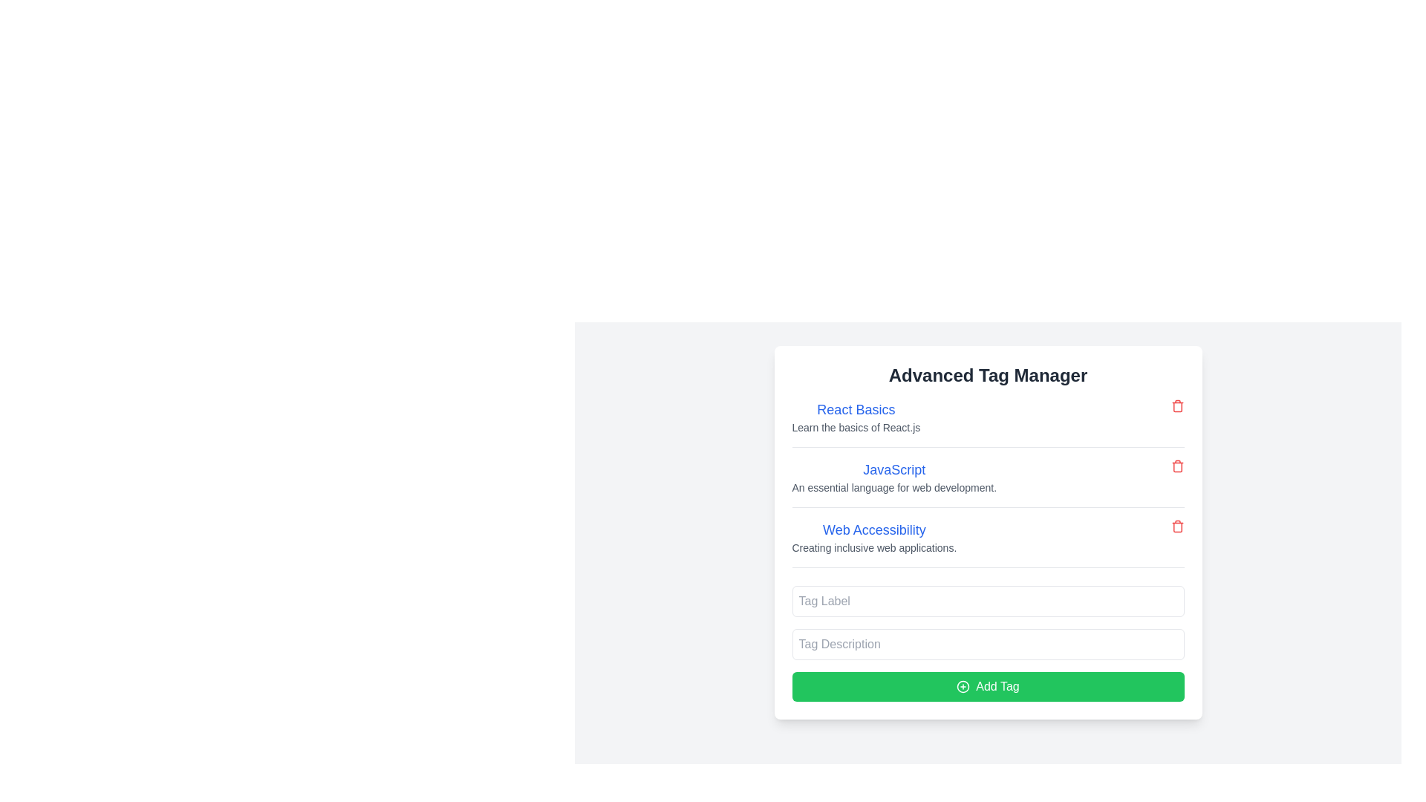 The image size is (1426, 802). I want to click on the Text label that serves as a title or heading in the 'Advanced Tag Manager' interface, positioned above 'An essential language for web development.' and below 'React Basics', so click(893, 469).